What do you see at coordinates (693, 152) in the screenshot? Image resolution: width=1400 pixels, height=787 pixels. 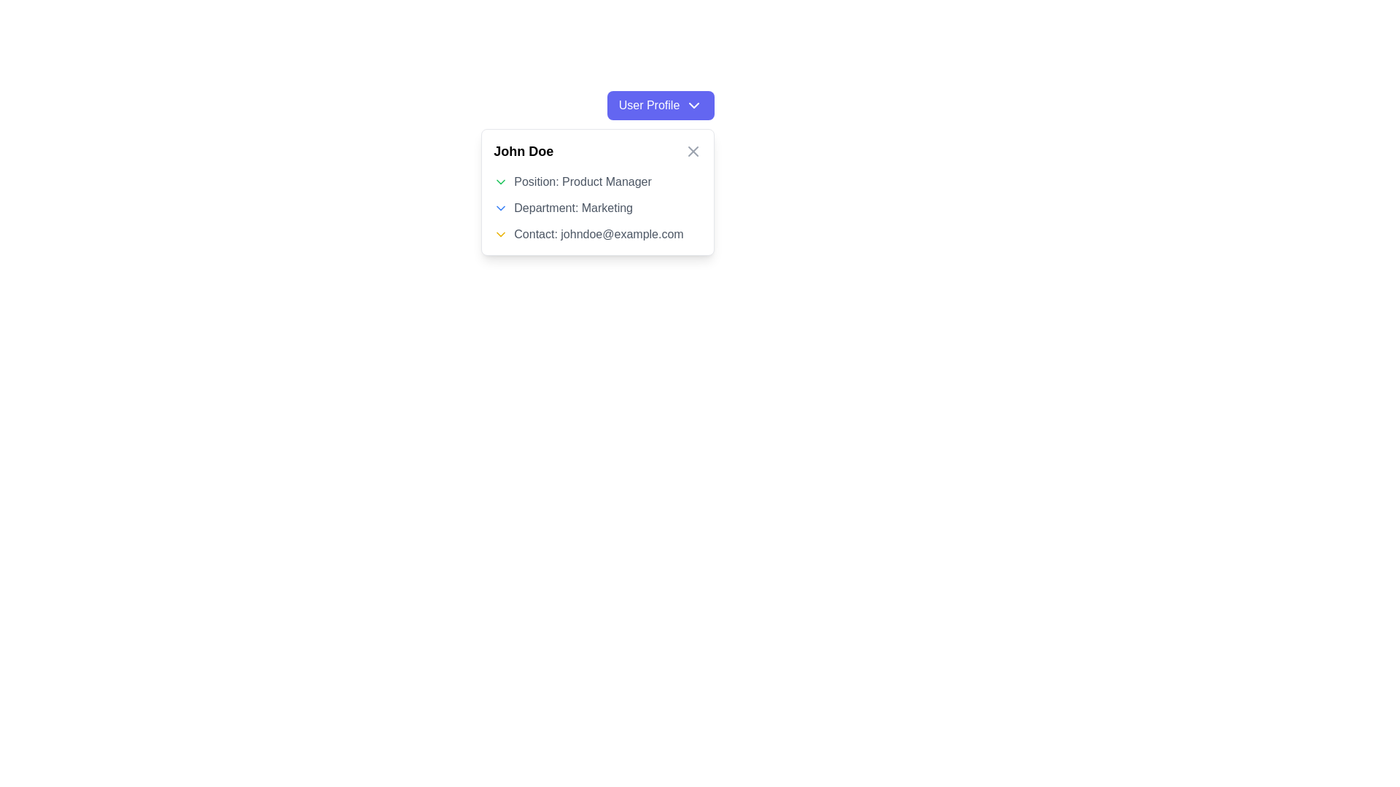 I see `the close button represented by an X-shaped SVG graphic located at the upper-right corner of the user information card near the title 'John Doe'` at bounding box center [693, 152].